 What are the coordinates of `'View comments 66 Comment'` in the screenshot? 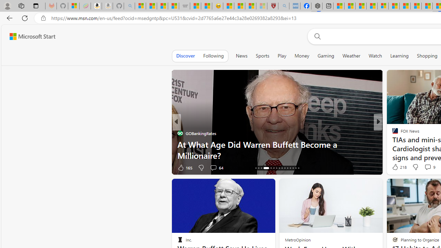 It's located at (428, 167).